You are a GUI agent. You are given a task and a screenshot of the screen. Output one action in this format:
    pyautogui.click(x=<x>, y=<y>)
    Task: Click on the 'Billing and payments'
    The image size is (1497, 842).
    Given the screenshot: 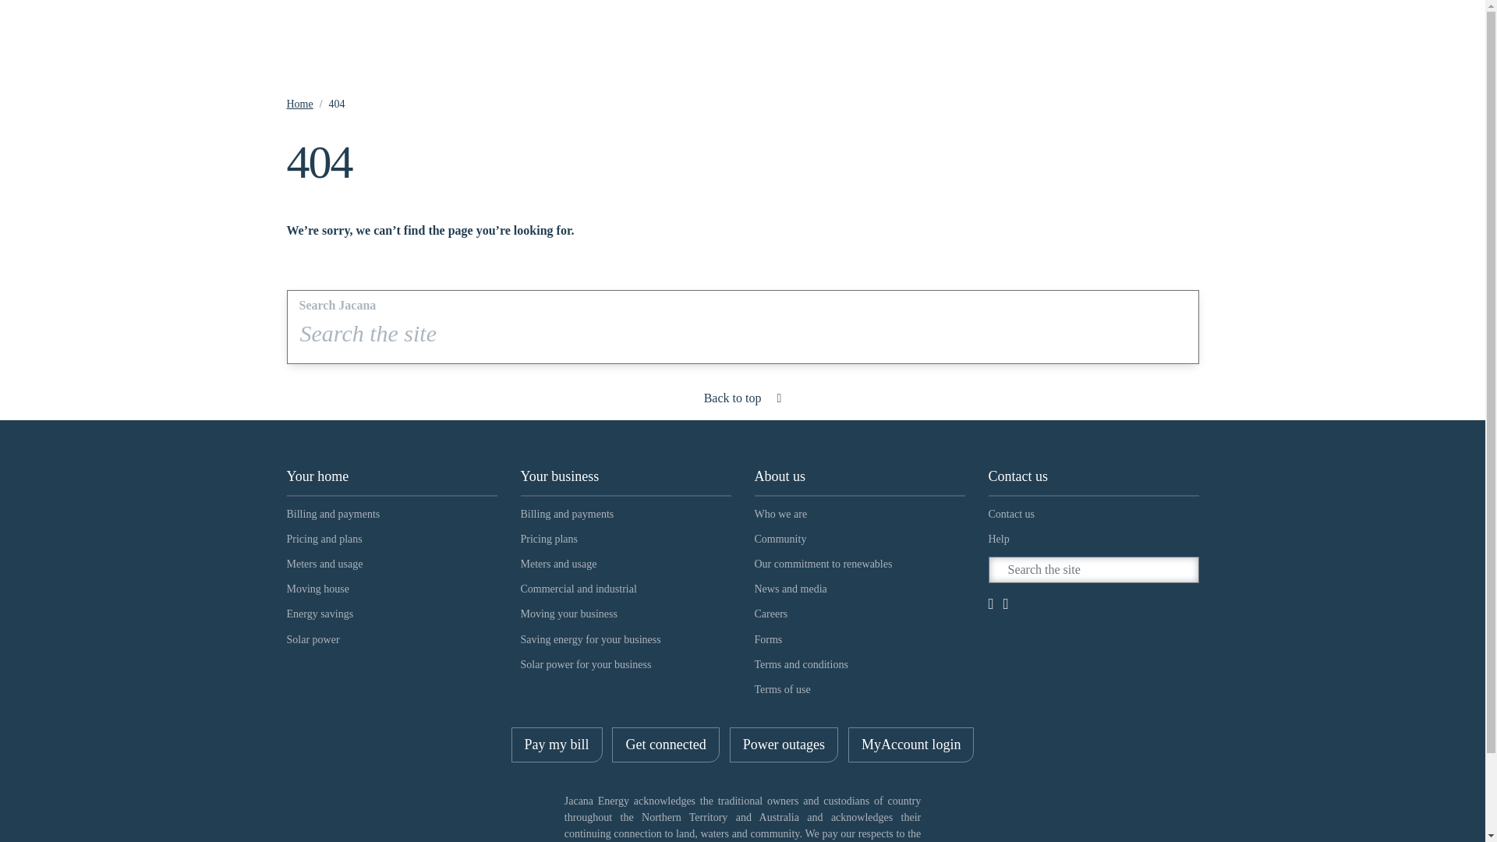 What is the action you would take?
    pyautogui.click(x=625, y=515)
    